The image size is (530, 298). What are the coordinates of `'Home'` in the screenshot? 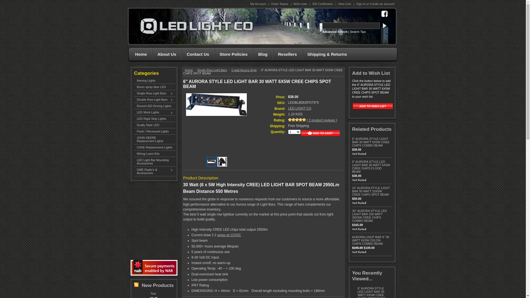 It's located at (190, 70).